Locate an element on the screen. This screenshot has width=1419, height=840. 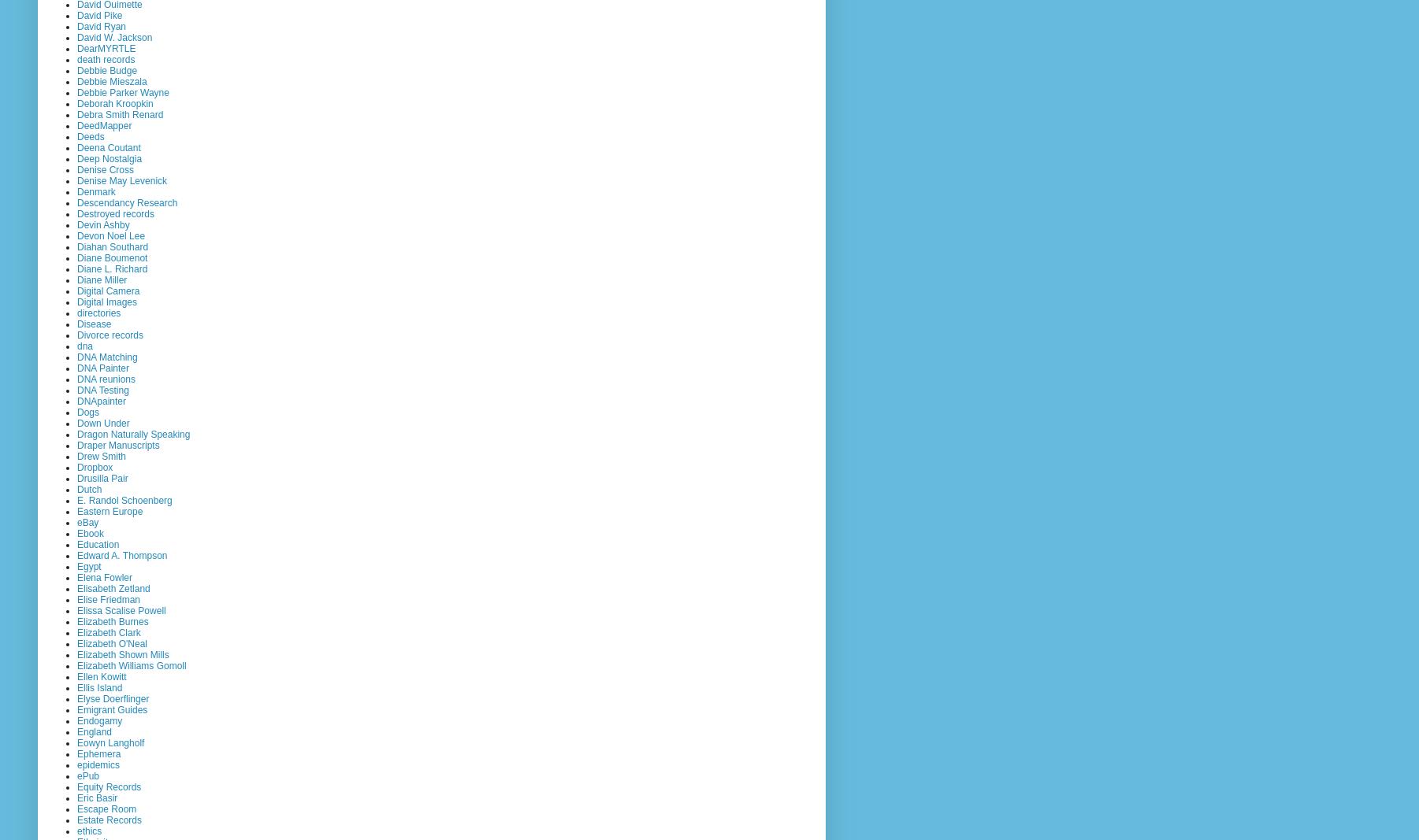
'Ephemera' is located at coordinates (98, 753).